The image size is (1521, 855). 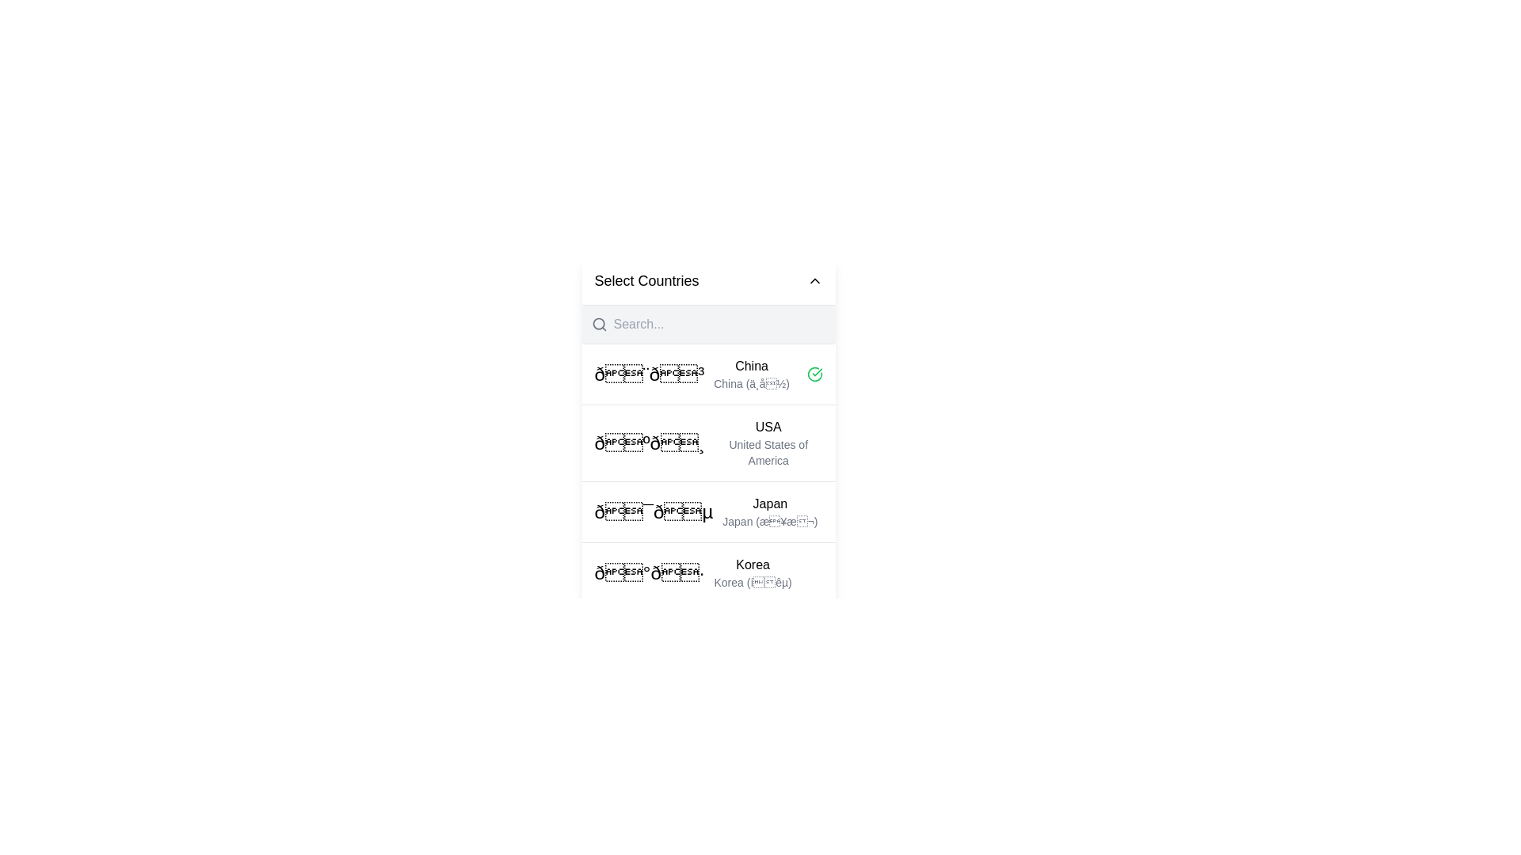 I want to click on the emoji-like text element positioned to the left of 'USA United States of America' in the second row of the countries list, so click(x=650, y=443).